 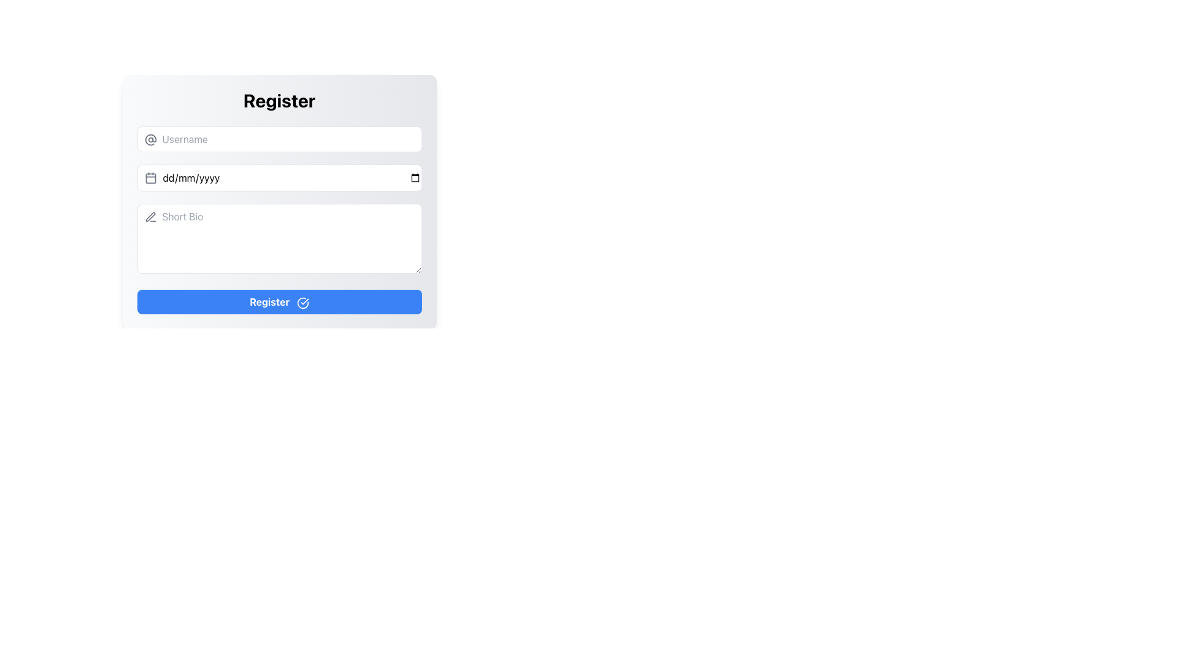 What do you see at coordinates (150, 178) in the screenshot?
I see `the calendar icon located to the left of the 'dd/mm/yyyy' input field` at bounding box center [150, 178].